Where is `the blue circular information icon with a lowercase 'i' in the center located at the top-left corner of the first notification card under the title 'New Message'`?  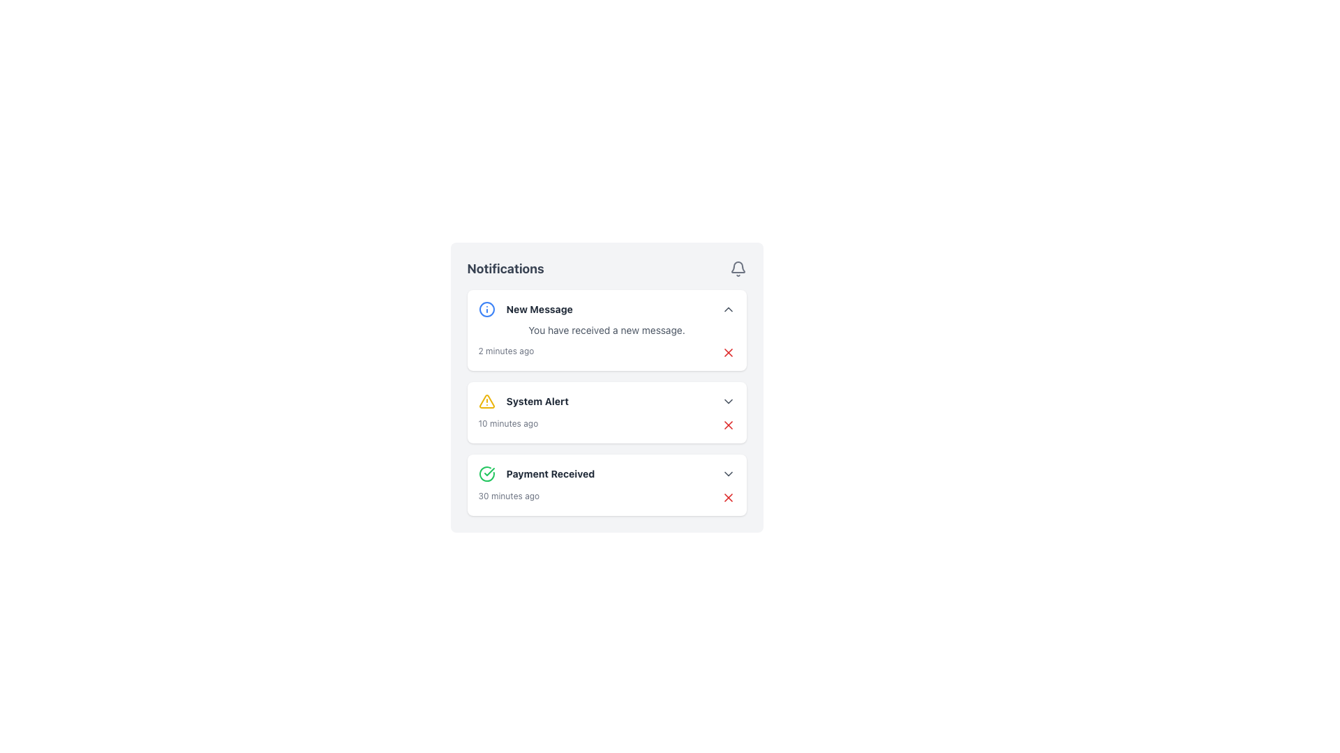
the blue circular information icon with a lowercase 'i' in the center located at the top-left corner of the first notification card under the title 'New Message' is located at coordinates (486, 308).